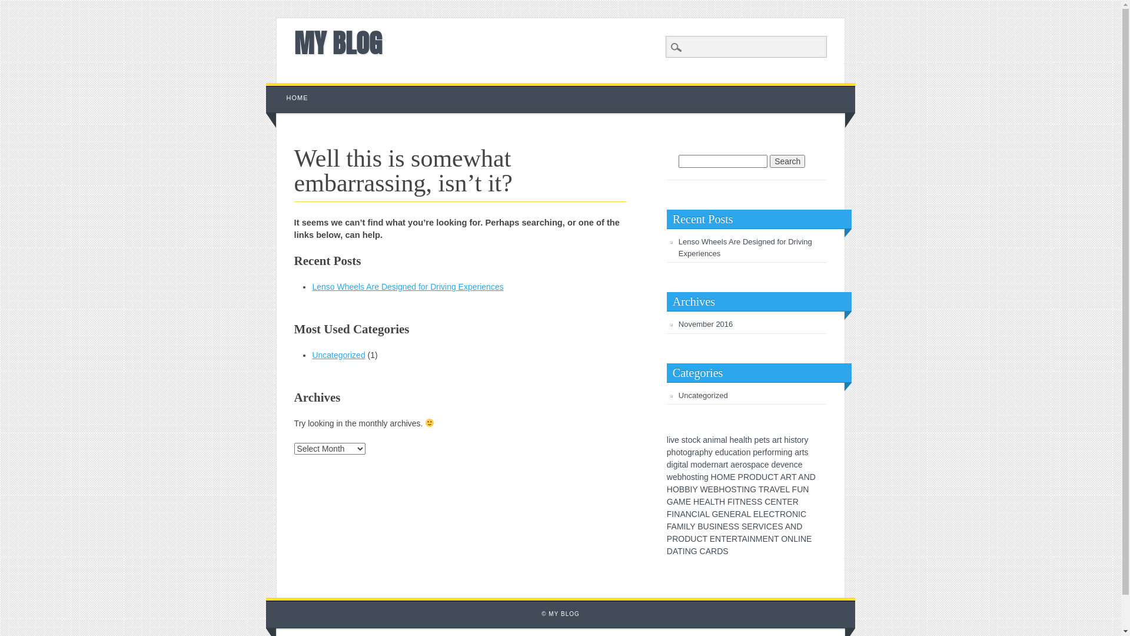 This screenshot has width=1130, height=636. Describe the element at coordinates (791, 464) in the screenshot. I see `'n'` at that location.